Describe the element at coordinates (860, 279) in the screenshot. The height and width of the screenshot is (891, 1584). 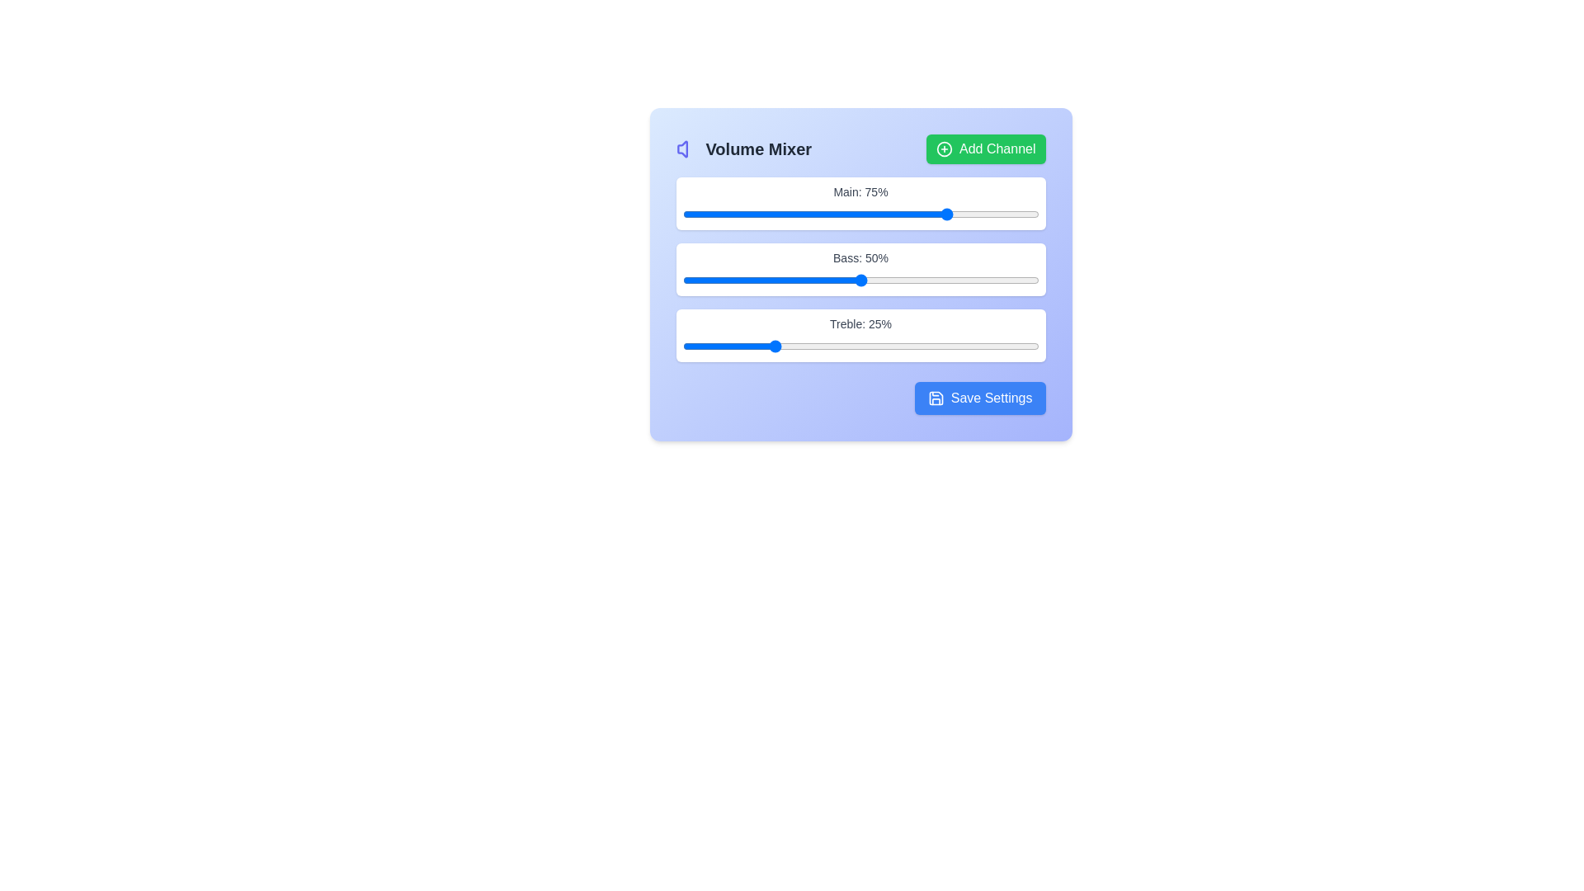
I see `the bass level` at that location.